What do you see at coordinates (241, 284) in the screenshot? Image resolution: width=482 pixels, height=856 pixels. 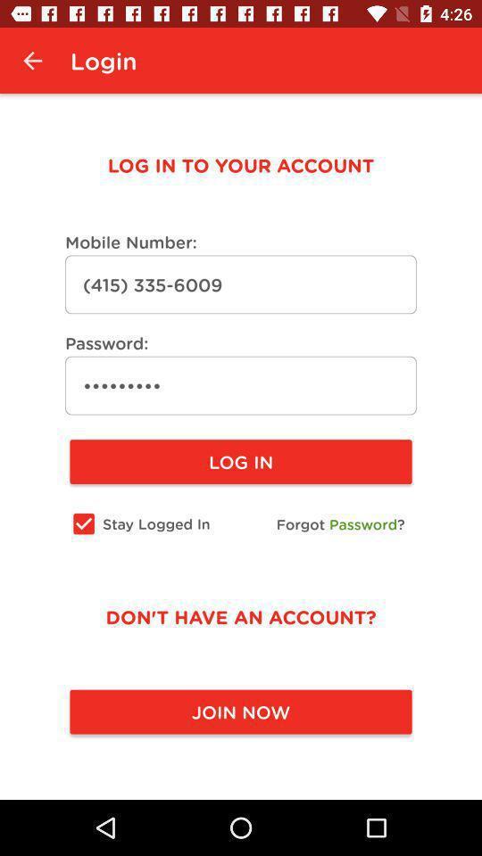 I see `the text box which says mobile number` at bounding box center [241, 284].